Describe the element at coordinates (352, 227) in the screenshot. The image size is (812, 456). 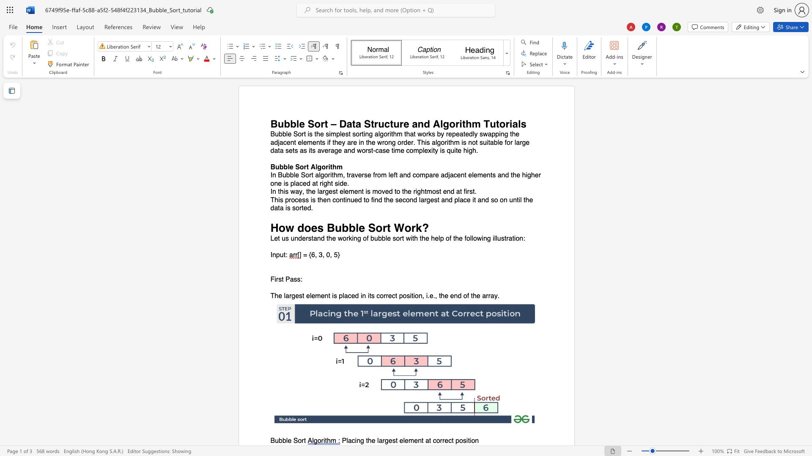
I see `the 2th character "b" in the text` at that location.